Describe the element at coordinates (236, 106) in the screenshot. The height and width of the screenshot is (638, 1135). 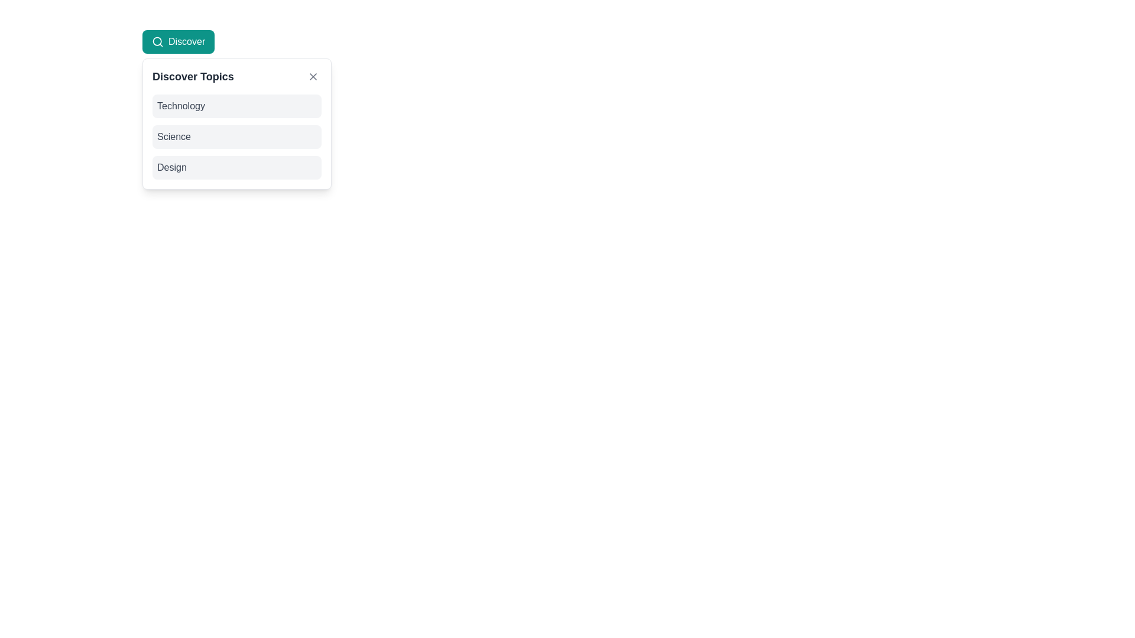
I see `the 'Technology' clickable button at the top of the 'Discover Topics' dialog box` at that location.